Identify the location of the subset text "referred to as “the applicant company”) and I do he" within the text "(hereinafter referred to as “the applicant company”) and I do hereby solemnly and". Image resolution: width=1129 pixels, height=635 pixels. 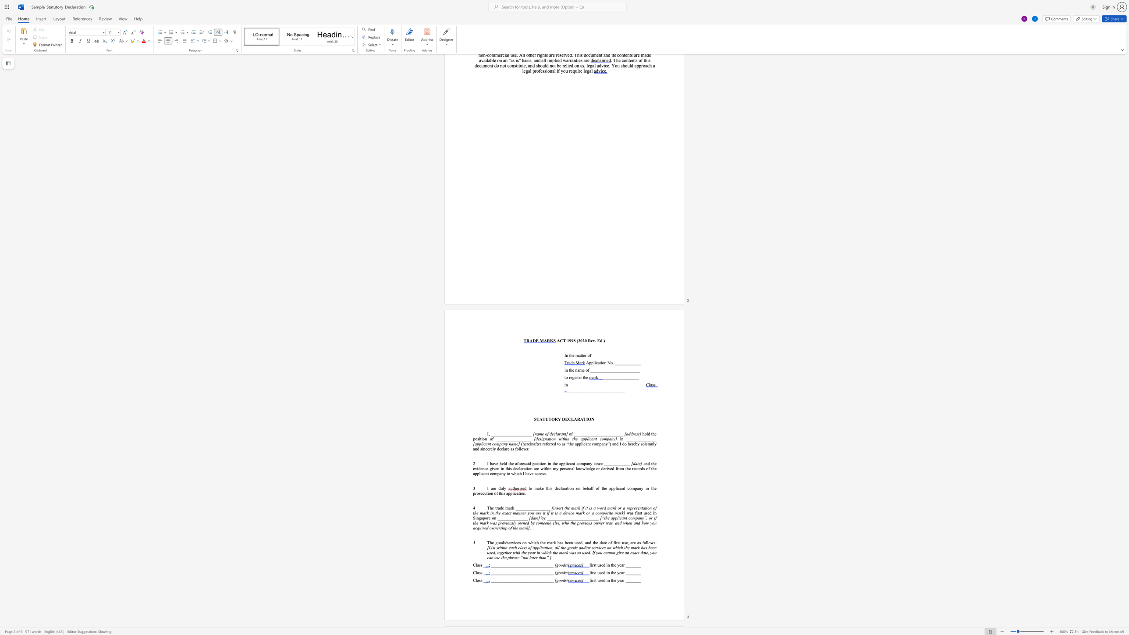
(542, 443).